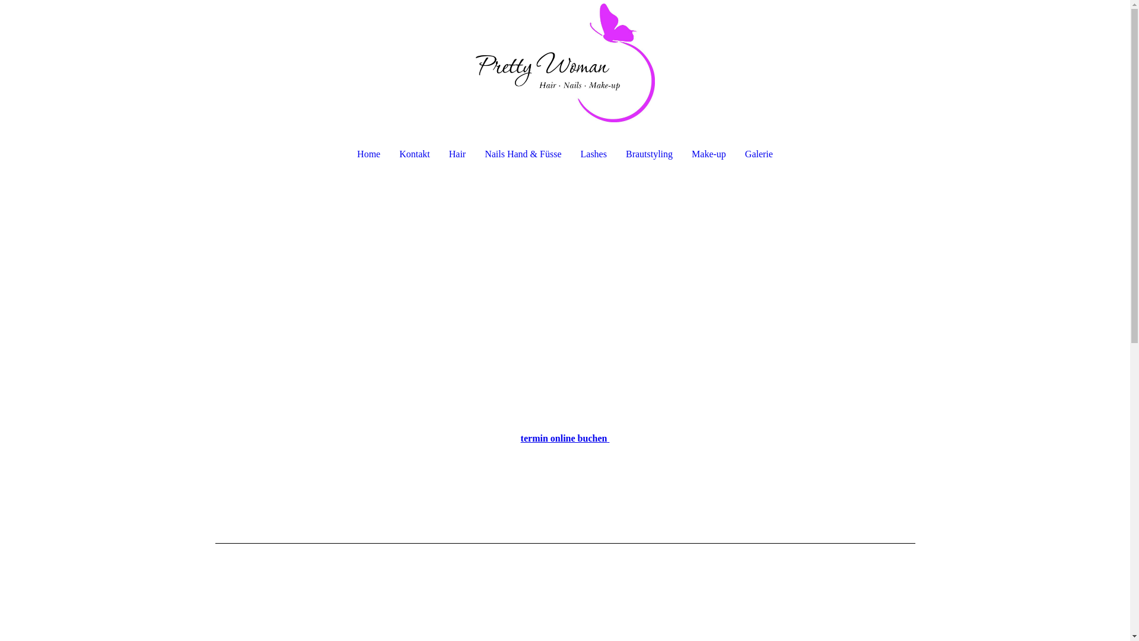 The width and height of the screenshot is (1139, 641). I want to click on 'Lashes', so click(594, 153).